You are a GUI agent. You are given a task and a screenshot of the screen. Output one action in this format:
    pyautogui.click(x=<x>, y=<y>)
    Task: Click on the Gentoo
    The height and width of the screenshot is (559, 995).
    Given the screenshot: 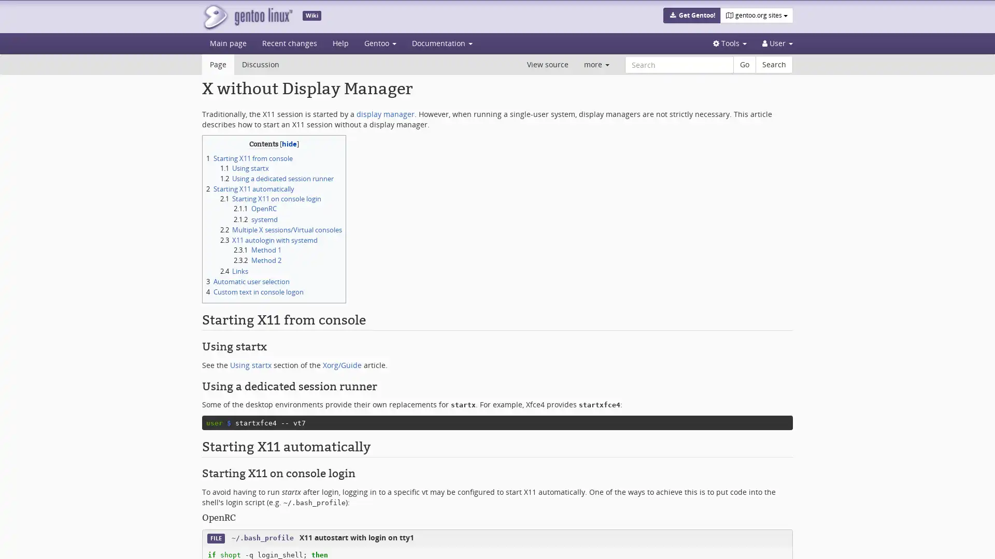 What is the action you would take?
    pyautogui.click(x=380, y=43)
    